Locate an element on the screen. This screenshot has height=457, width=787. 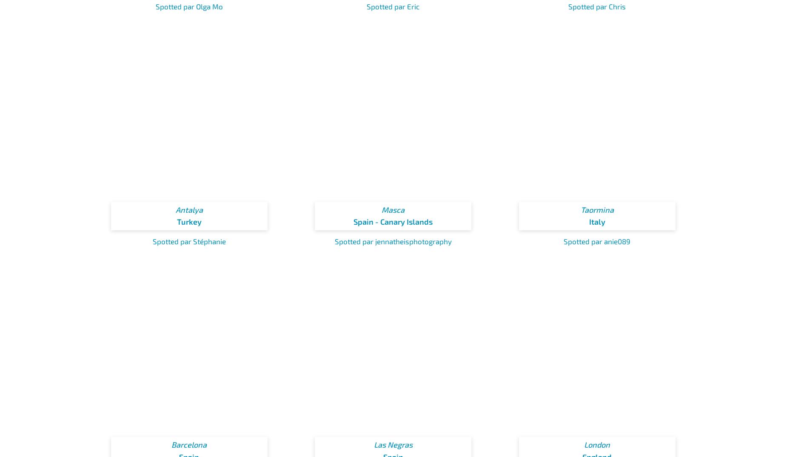
'Spotted par Chris' is located at coordinates (568, 5).